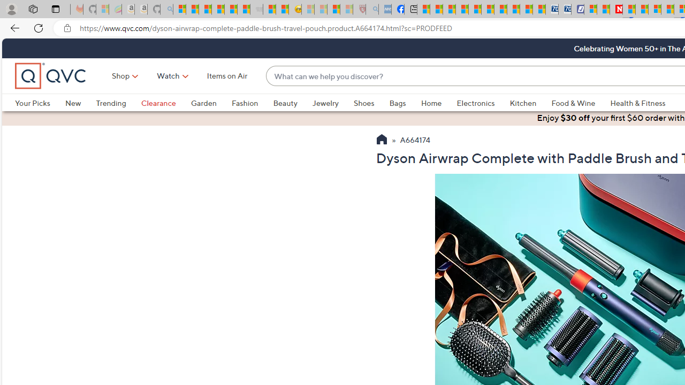 This screenshot has width=685, height=385. Describe the element at coordinates (573, 103) in the screenshot. I see `'Food & Wine'` at that location.